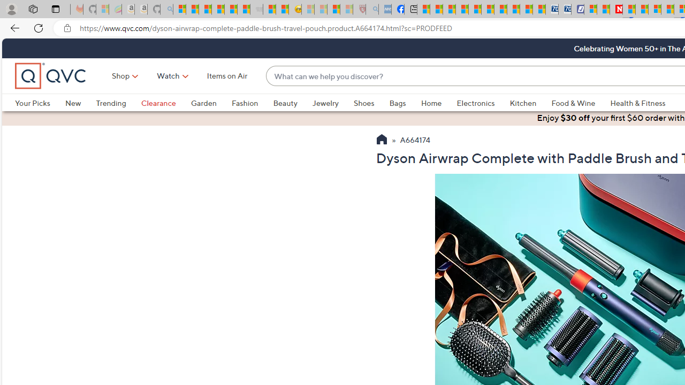 This screenshot has width=685, height=385. Describe the element at coordinates (573, 103) in the screenshot. I see `'Food & Wine'` at that location.